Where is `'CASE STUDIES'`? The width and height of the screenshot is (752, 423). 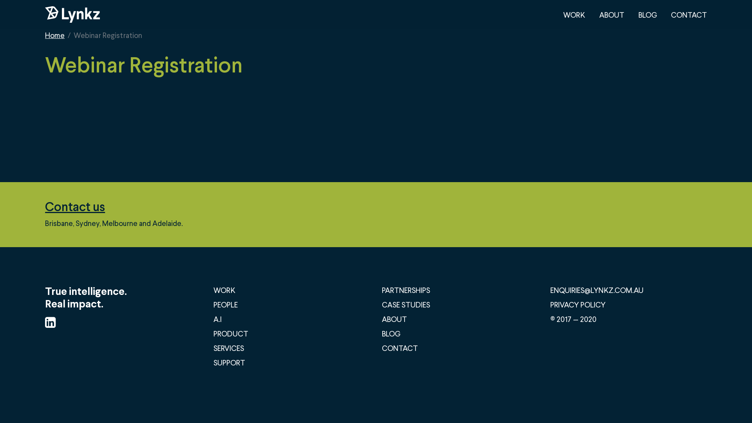
'CASE STUDIES' is located at coordinates (406, 304).